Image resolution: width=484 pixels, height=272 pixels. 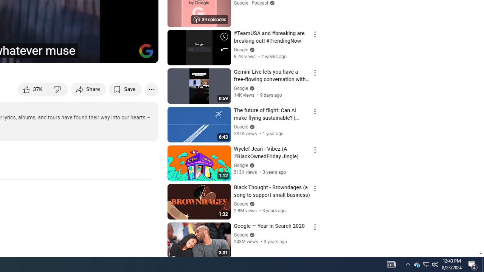 I want to click on 'Channel watermark', so click(x=146, y=51).